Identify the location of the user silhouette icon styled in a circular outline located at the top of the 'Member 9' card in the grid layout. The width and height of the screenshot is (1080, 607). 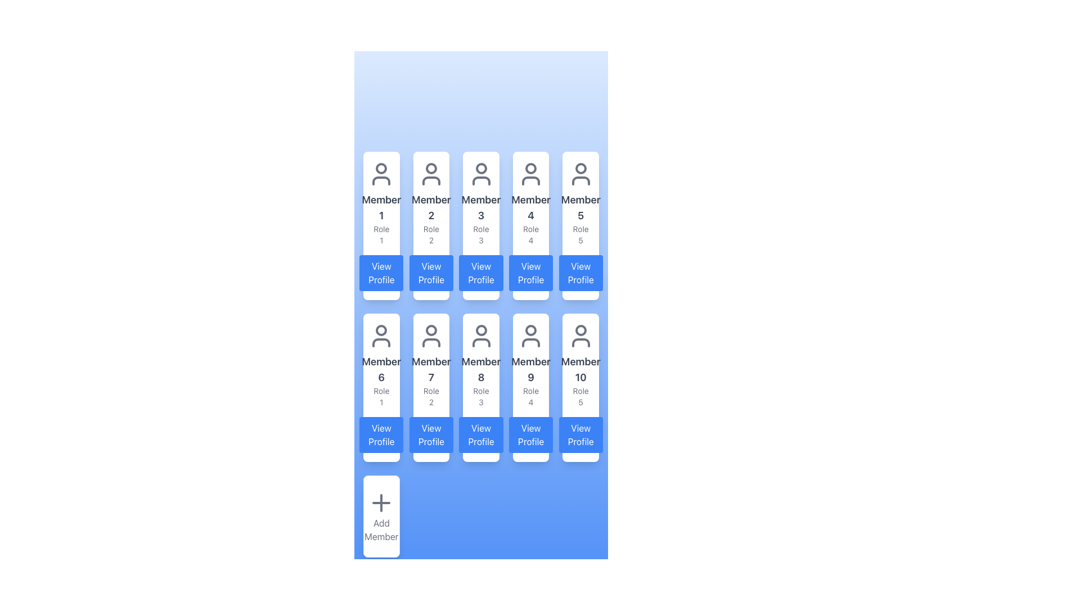
(530, 335).